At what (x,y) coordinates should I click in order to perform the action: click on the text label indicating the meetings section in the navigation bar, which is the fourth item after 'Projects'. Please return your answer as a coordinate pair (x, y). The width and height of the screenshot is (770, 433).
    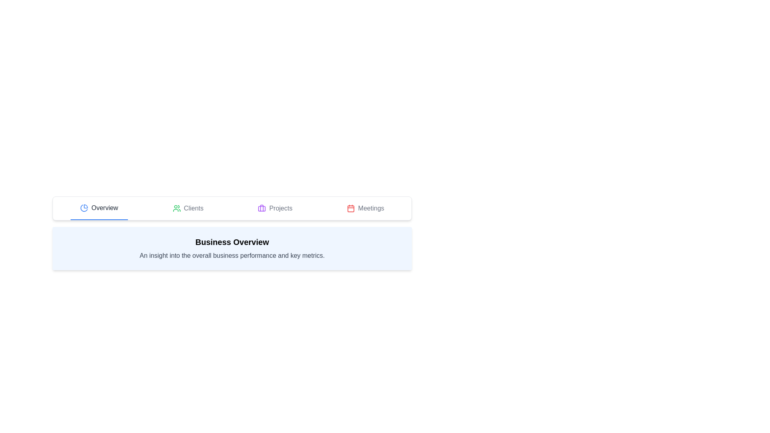
    Looking at the image, I should click on (371, 208).